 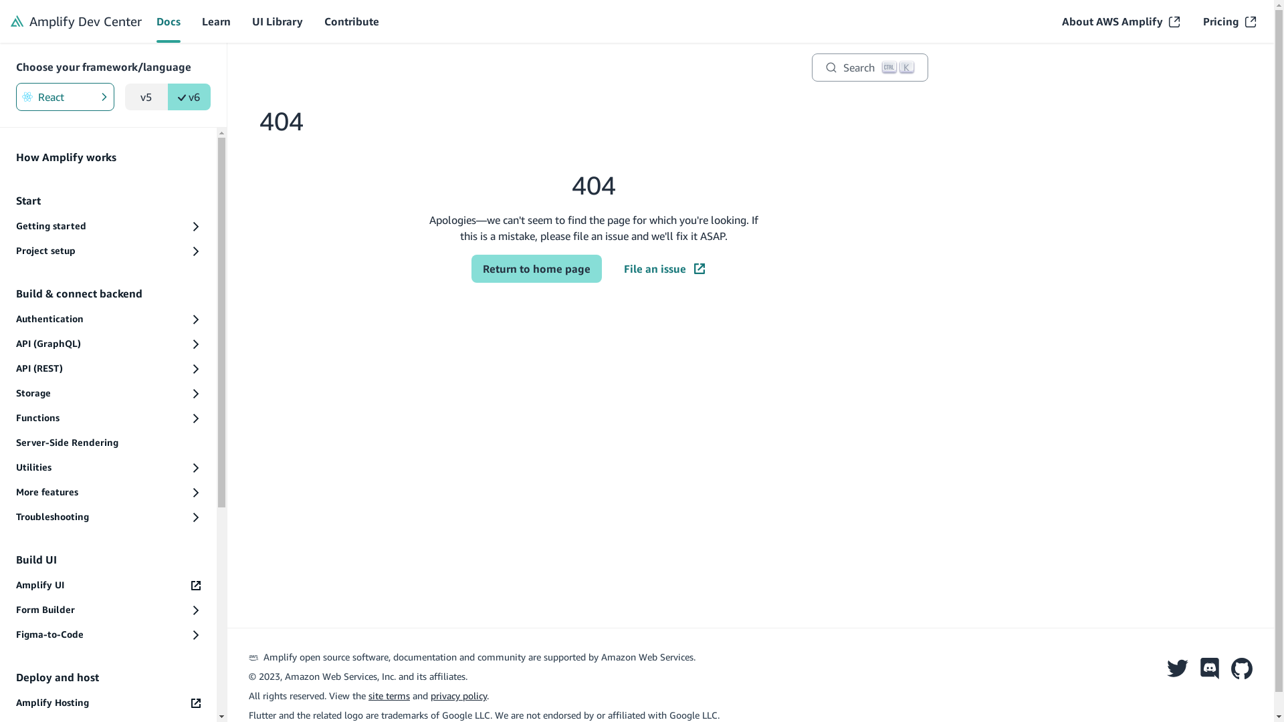 I want to click on 'Figma-to-Code', so click(x=108, y=634).